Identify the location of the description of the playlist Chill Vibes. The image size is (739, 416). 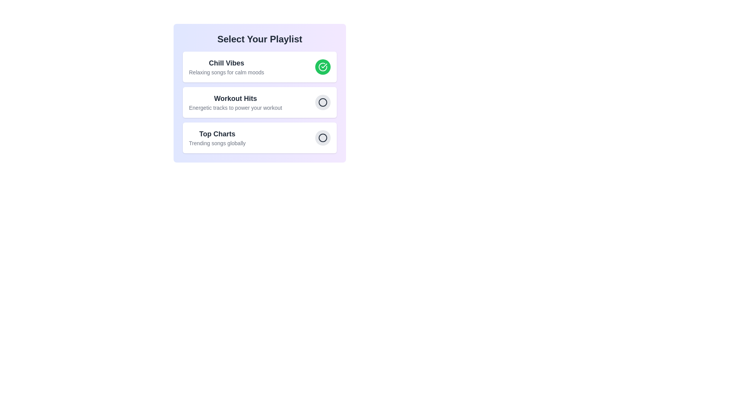
(226, 72).